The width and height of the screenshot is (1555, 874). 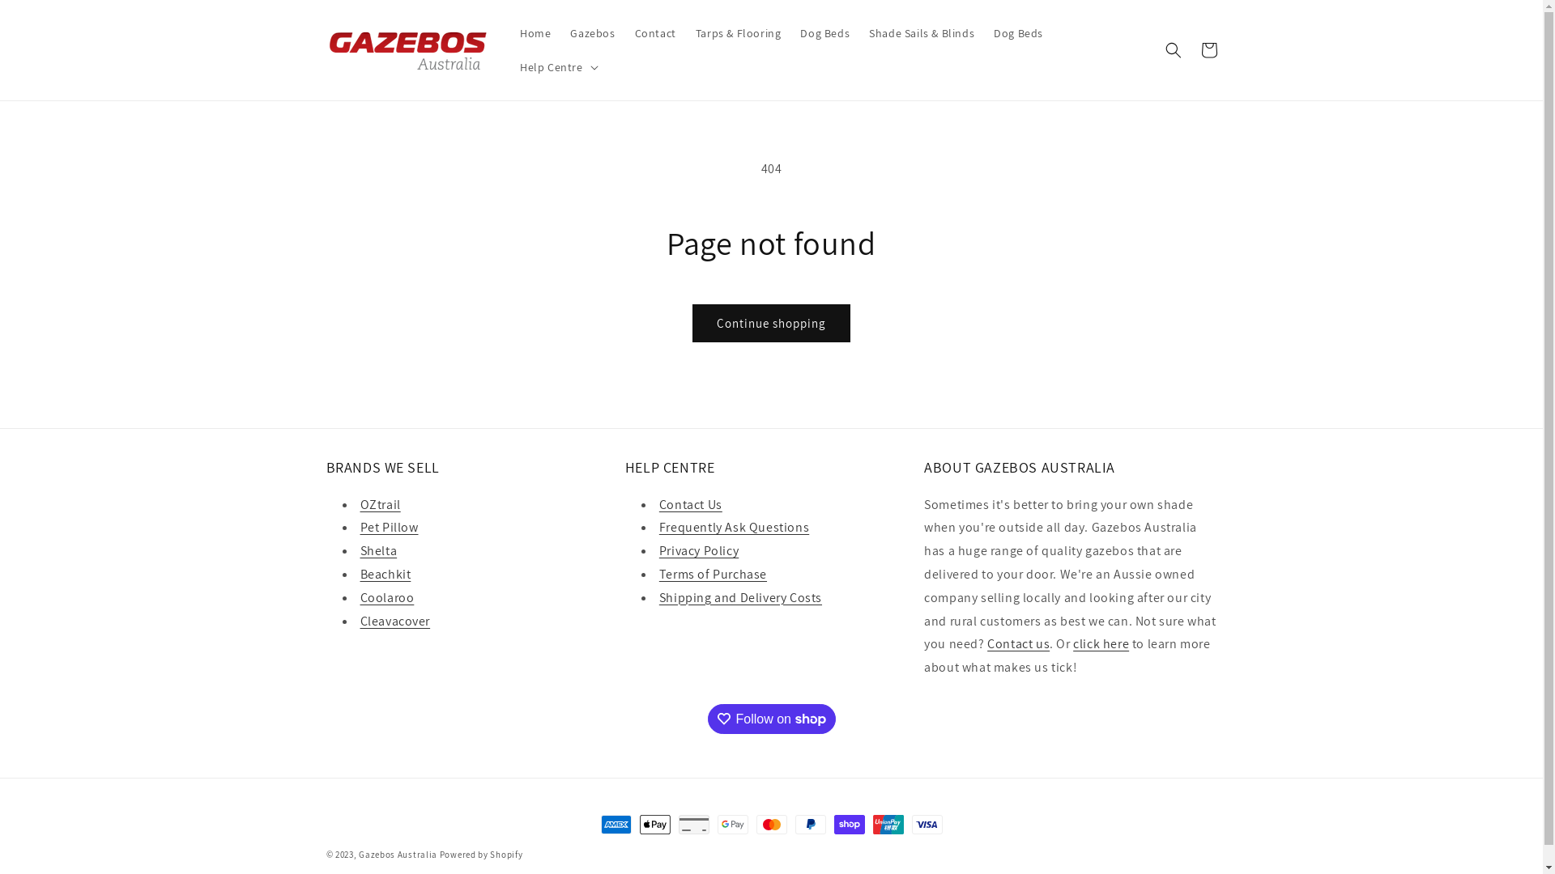 What do you see at coordinates (738, 33) in the screenshot?
I see `'Tarps & Flooring'` at bounding box center [738, 33].